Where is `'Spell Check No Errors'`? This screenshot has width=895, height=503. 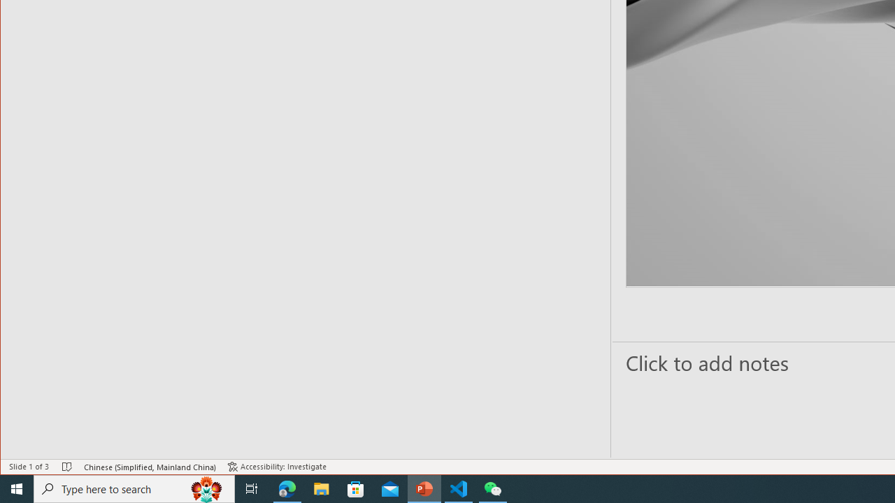
'Spell Check No Errors' is located at coordinates (66, 467).